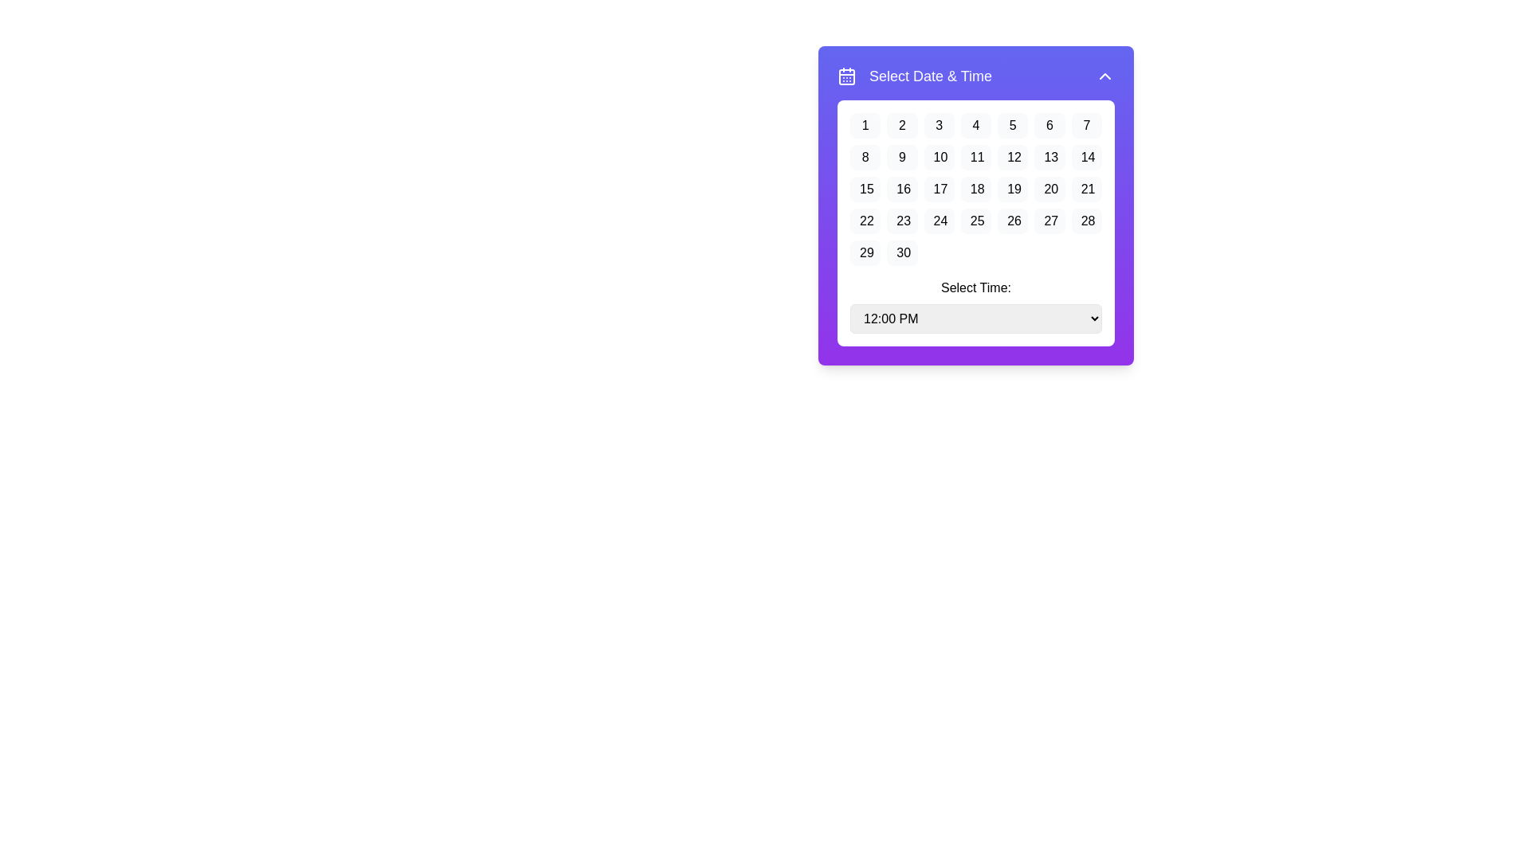  Describe the element at coordinates (865, 252) in the screenshot. I see `the rounded rectangular button displaying the number '29' to change its background color` at that location.